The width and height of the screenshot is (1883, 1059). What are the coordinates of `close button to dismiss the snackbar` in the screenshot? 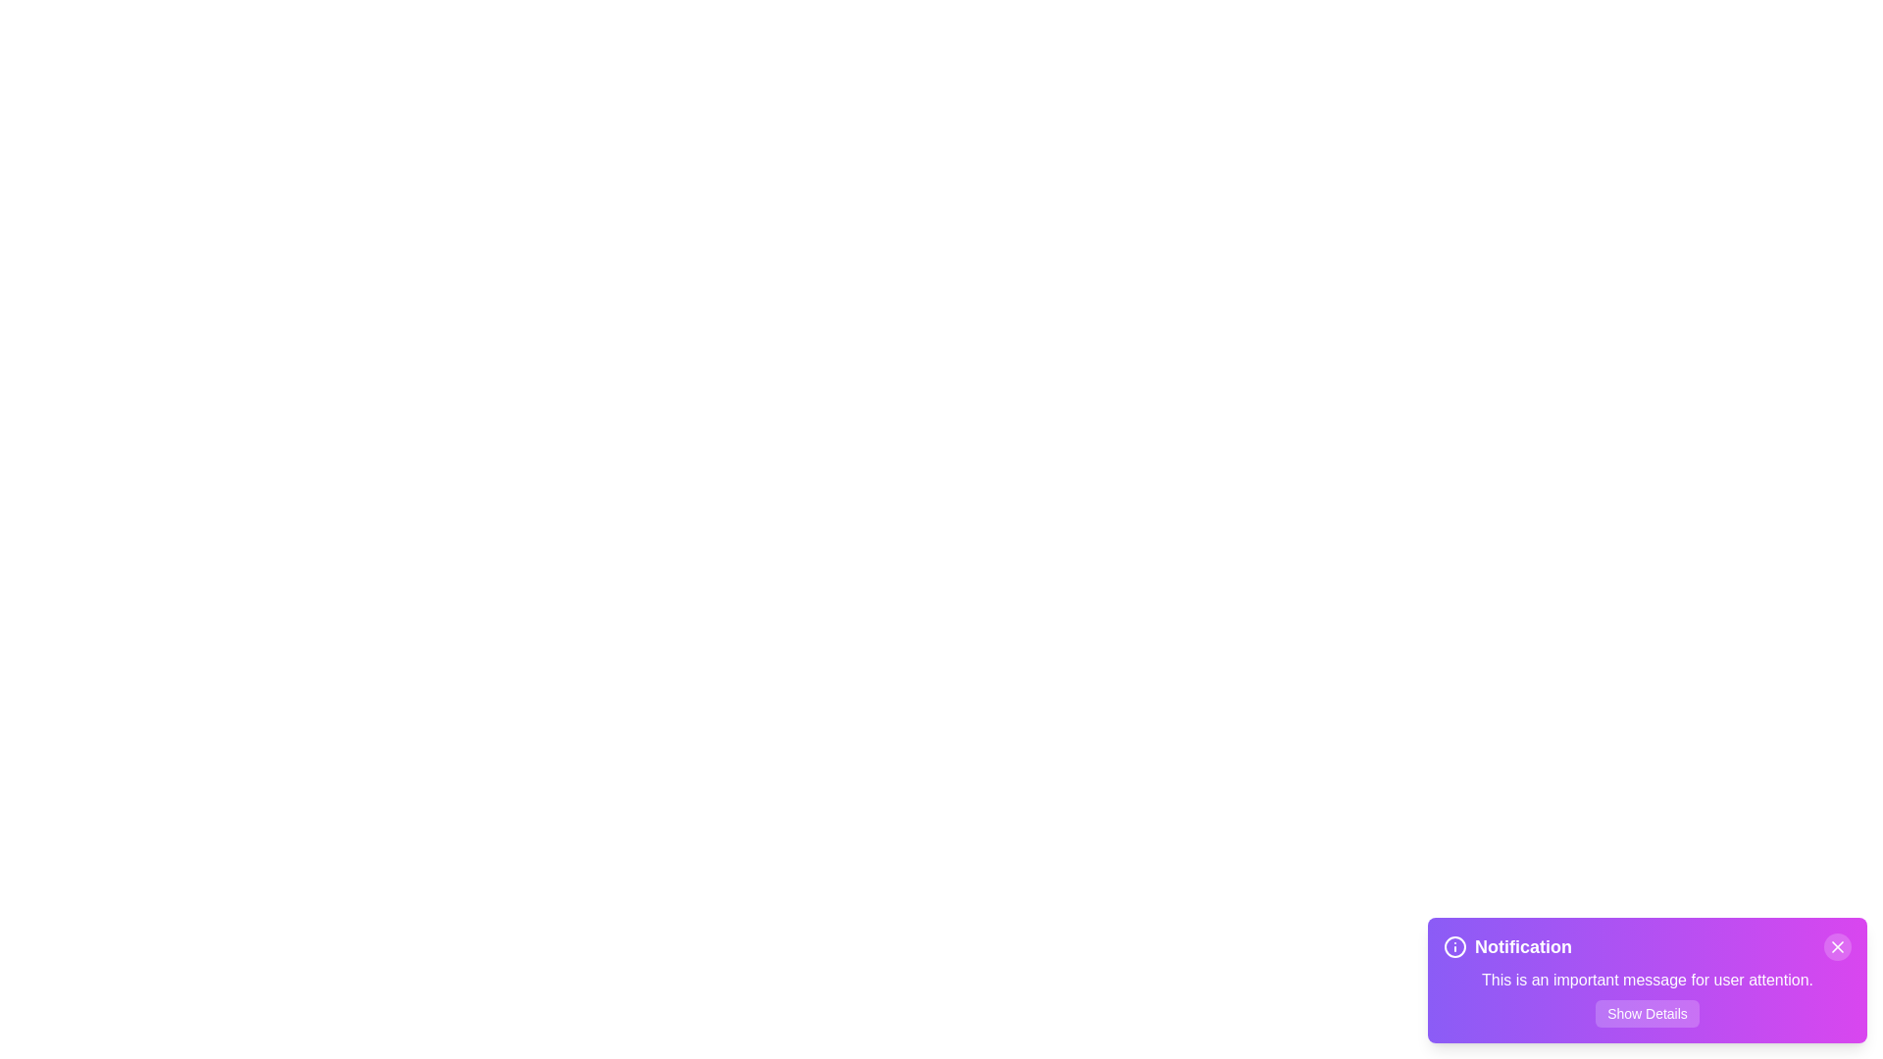 It's located at (1836, 945).